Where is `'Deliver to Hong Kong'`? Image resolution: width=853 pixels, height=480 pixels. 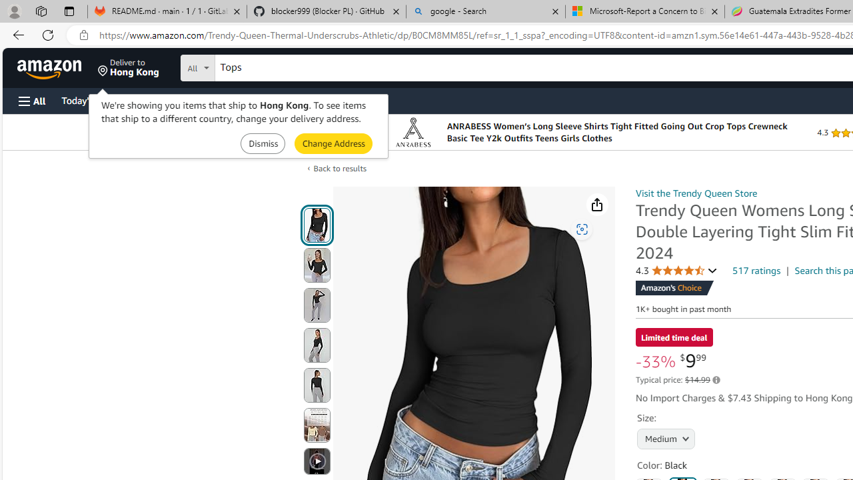
'Deliver to Hong Kong' is located at coordinates (129, 67).